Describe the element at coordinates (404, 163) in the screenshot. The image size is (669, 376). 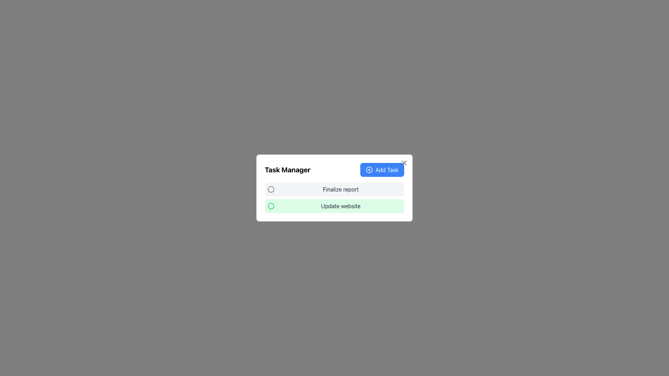
I see `the Close icon, represented by a small cross within a square boundary, located at the top-right corner of the task management widget` at that location.